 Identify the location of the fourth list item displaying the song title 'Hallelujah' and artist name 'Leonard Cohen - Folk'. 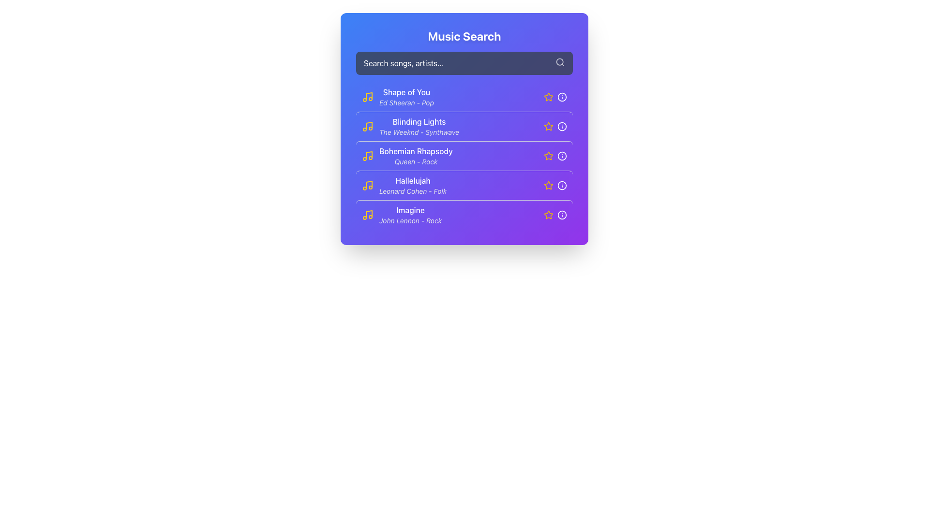
(404, 186).